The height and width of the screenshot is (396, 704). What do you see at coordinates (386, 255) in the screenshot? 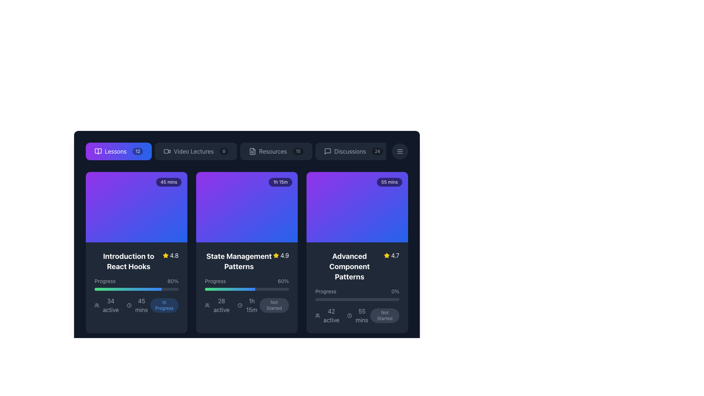
I see `the yellow star icon located to the left of the numeric text '4.7' in the bottom-right corner of the third card labeled 'Advanced Component Patterns' for more details` at bounding box center [386, 255].